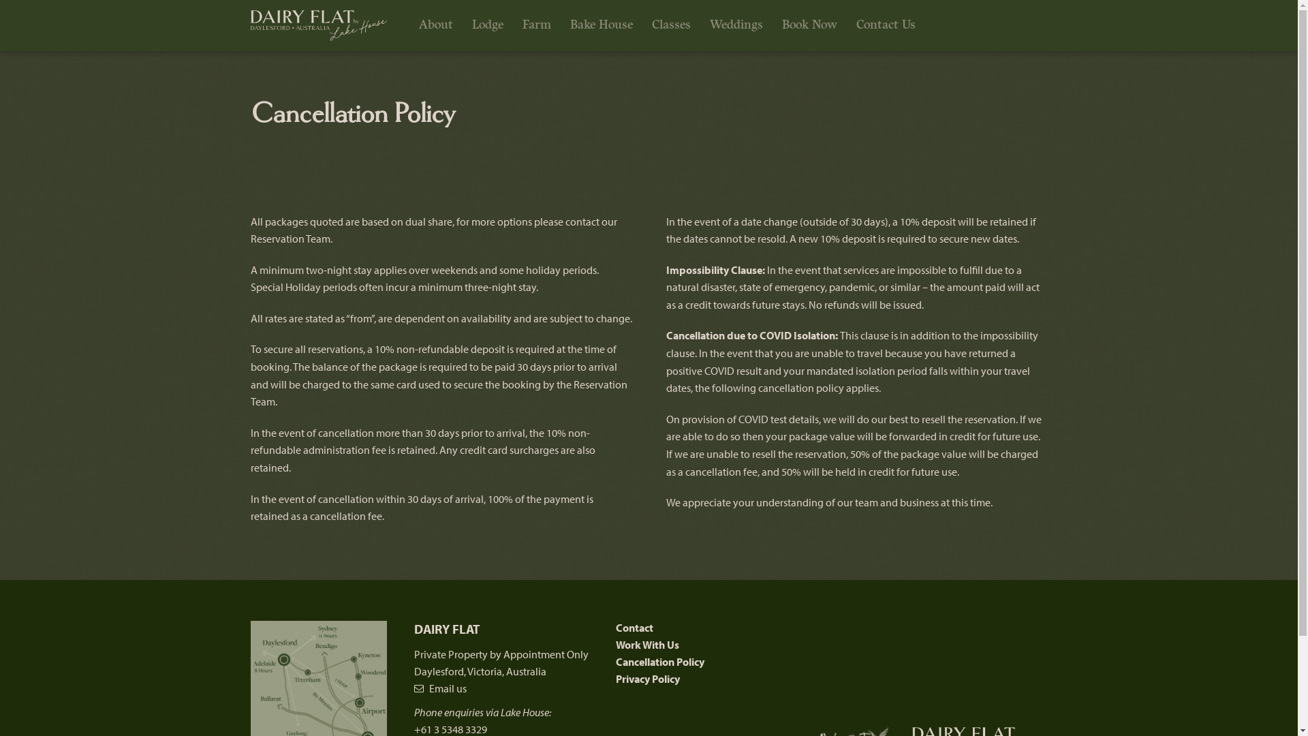 This screenshot has height=736, width=1308. What do you see at coordinates (735, 25) in the screenshot?
I see `'Weddings'` at bounding box center [735, 25].